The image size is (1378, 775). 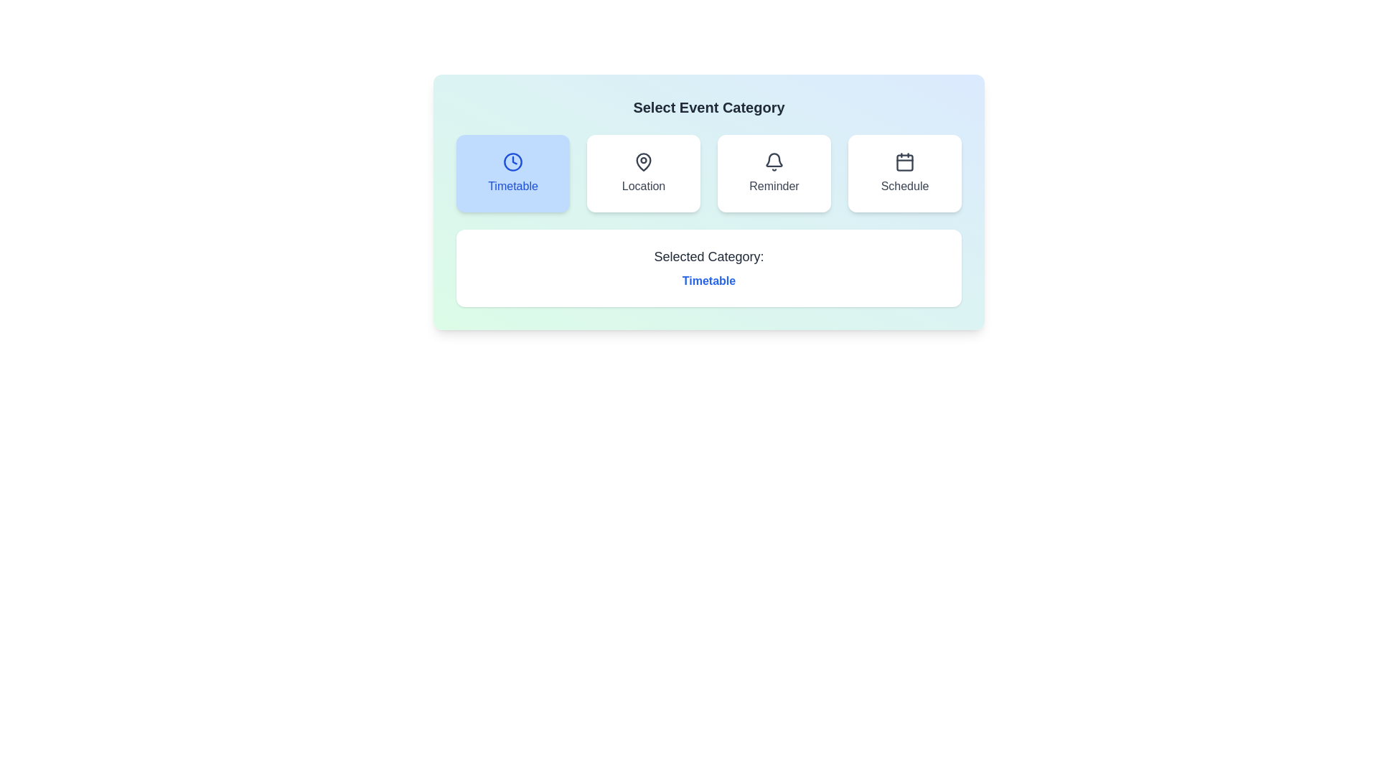 What do you see at coordinates (513, 173) in the screenshot?
I see `the event category Timetable by clicking on its respective button` at bounding box center [513, 173].